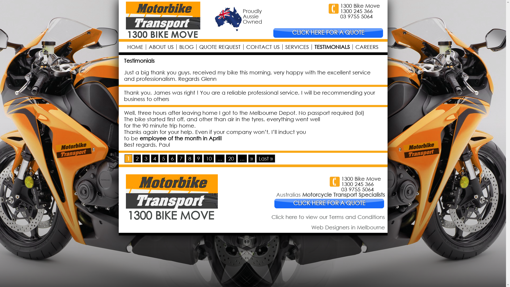  What do you see at coordinates (340, 16) in the screenshot?
I see `'03 9755 5064'` at bounding box center [340, 16].